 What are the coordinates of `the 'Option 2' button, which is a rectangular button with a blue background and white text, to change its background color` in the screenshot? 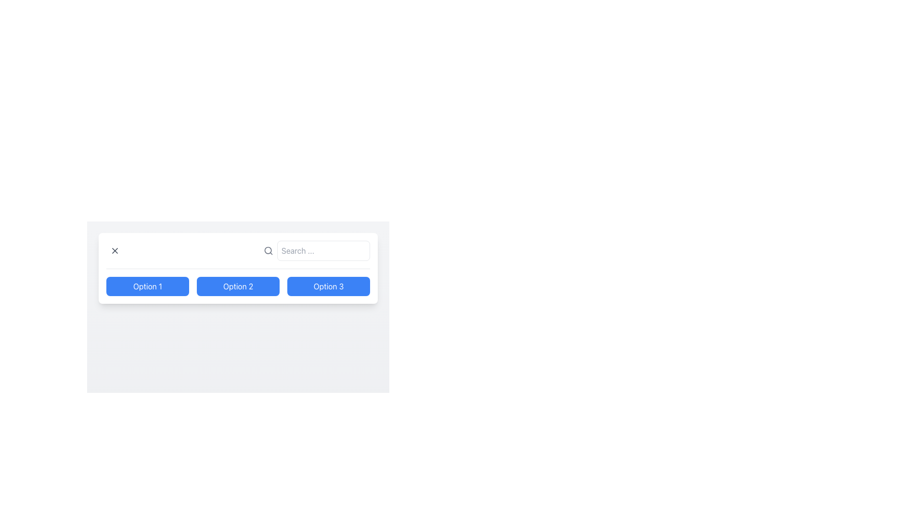 It's located at (238, 286).